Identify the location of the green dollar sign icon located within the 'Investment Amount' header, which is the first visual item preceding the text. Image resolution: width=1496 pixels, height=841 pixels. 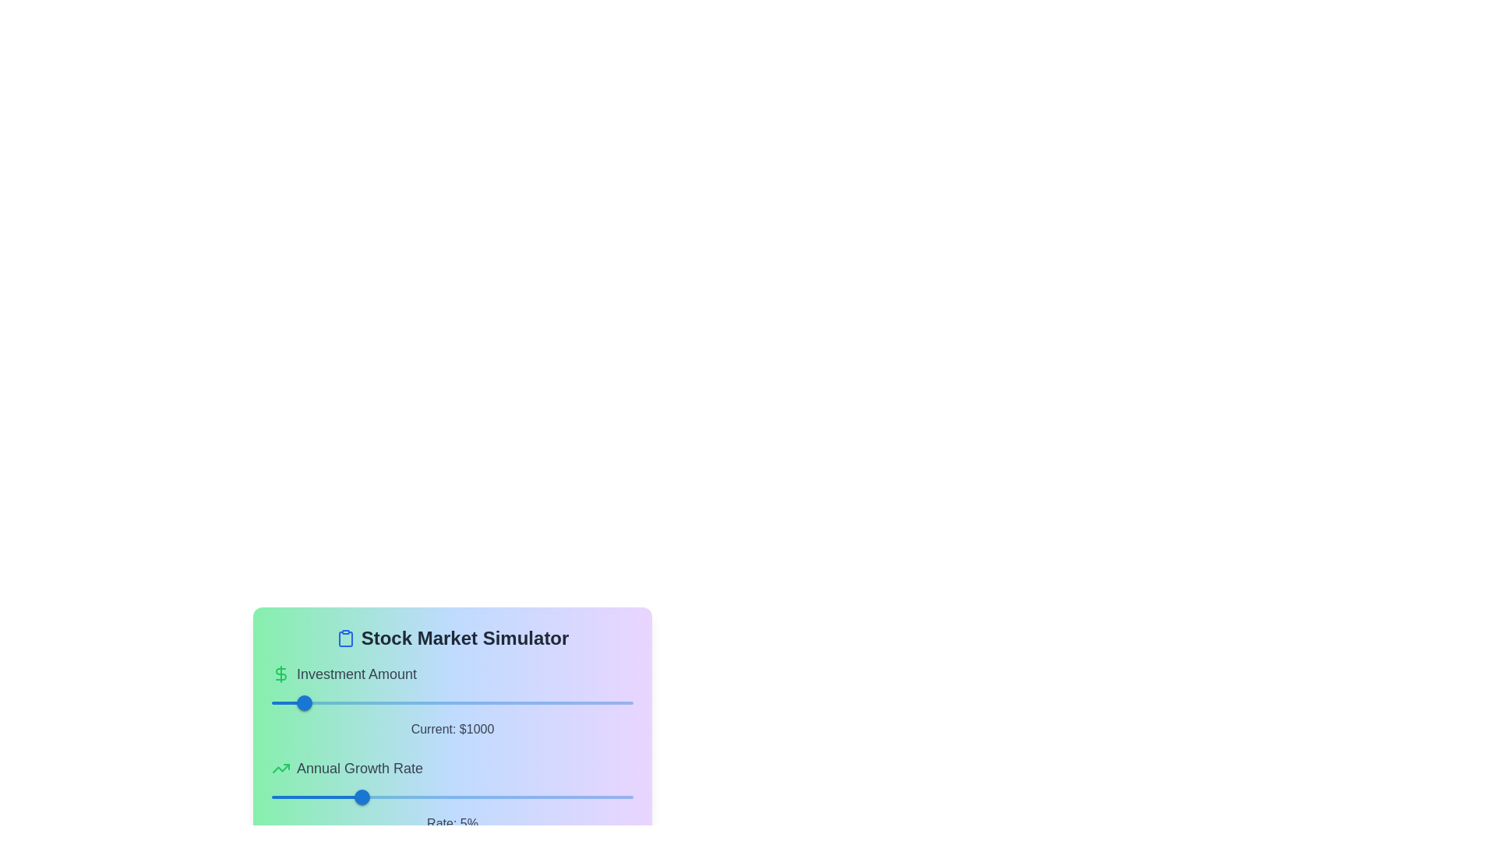
(280, 674).